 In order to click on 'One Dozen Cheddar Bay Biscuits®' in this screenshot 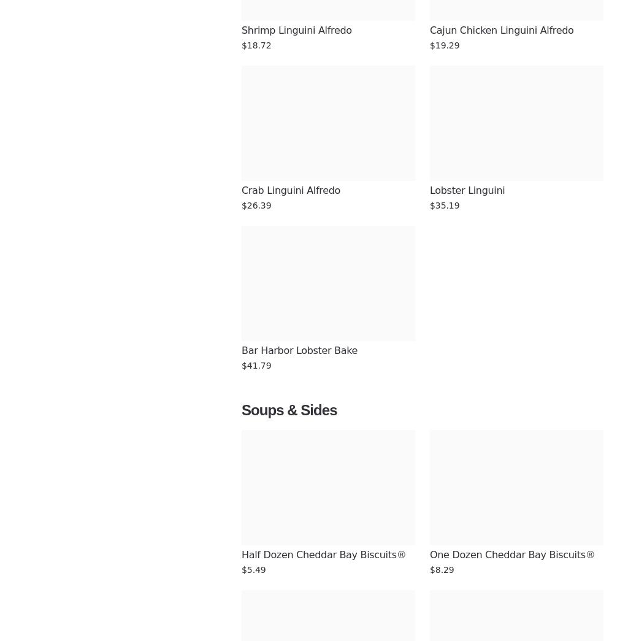, I will do `click(511, 555)`.